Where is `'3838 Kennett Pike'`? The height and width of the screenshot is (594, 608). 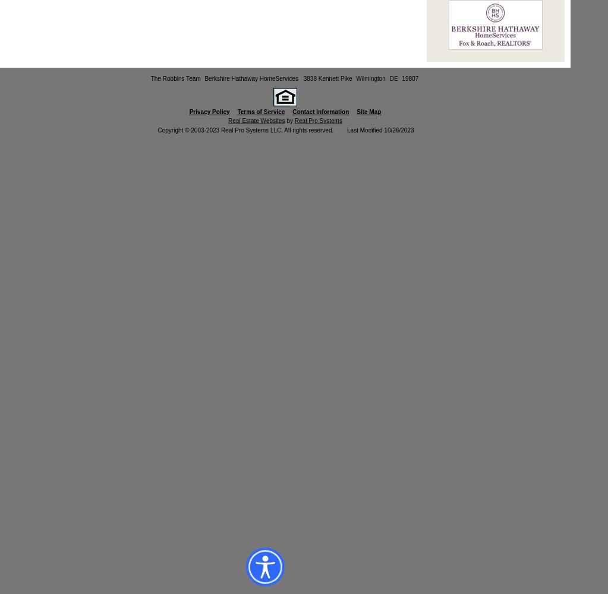 '3838 Kennett Pike' is located at coordinates (328, 78).